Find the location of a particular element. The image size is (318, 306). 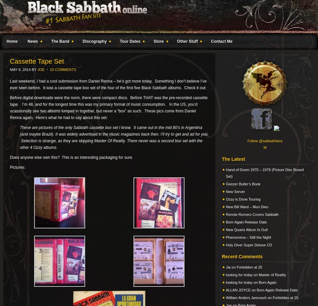

'M' is located at coordinates (265, 147).